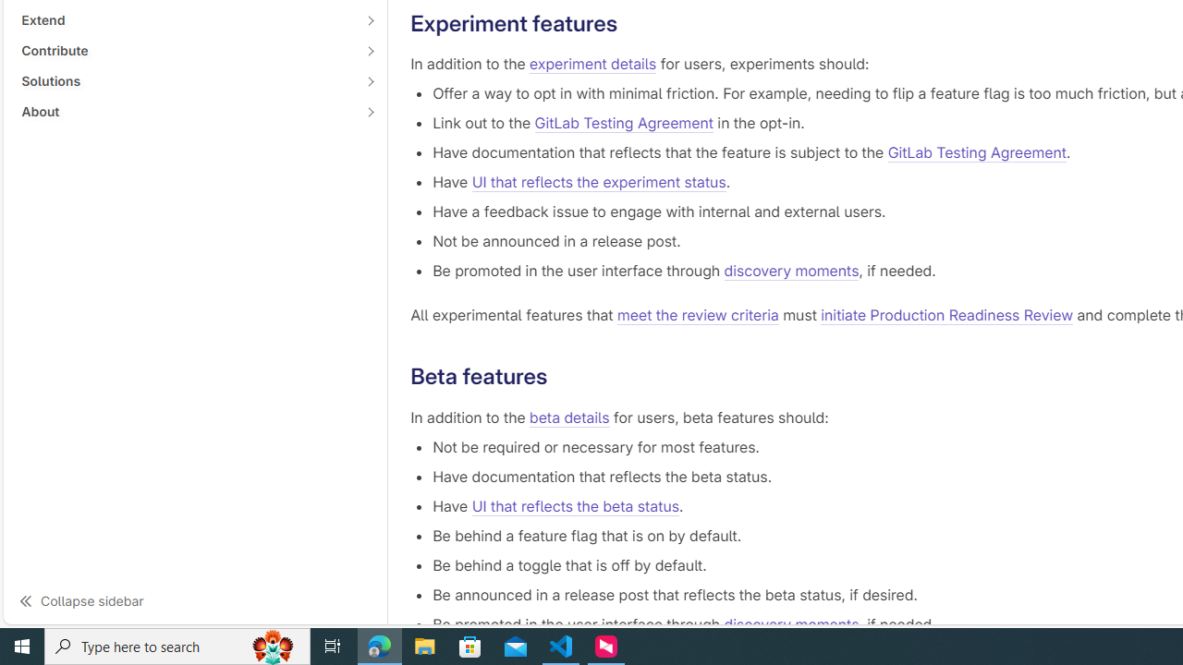 The width and height of the screenshot is (1183, 665). Describe the element at coordinates (574, 505) in the screenshot. I see `'UI that reflects the beta status'` at that location.